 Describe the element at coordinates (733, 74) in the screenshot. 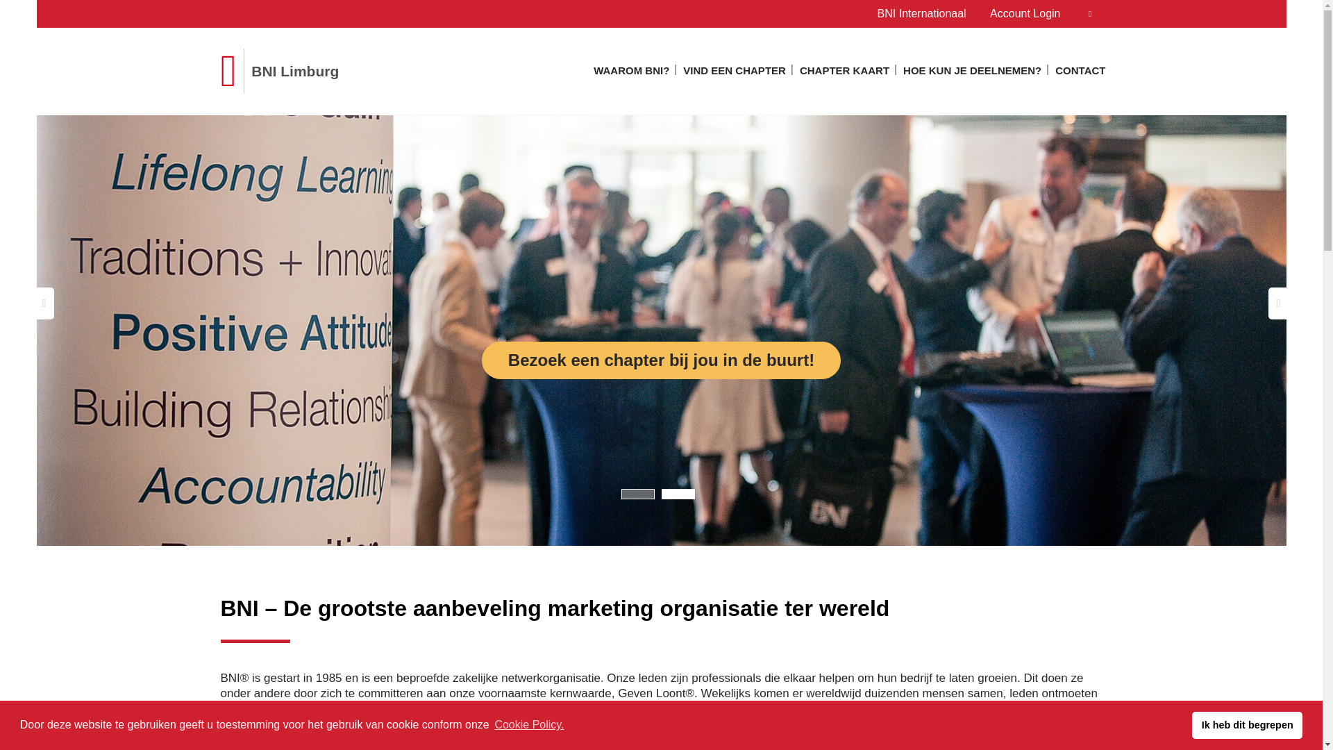

I see `'VIND EEN CHAPTER'` at that location.